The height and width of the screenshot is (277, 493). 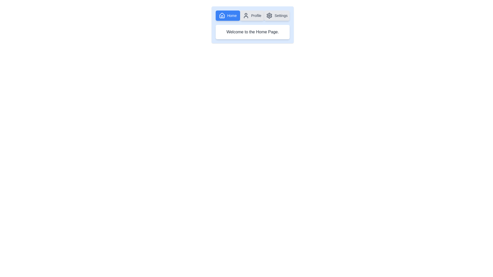 What do you see at coordinates (222, 15) in the screenshot?
I see `the house icon` at bounding box center [222, 15].